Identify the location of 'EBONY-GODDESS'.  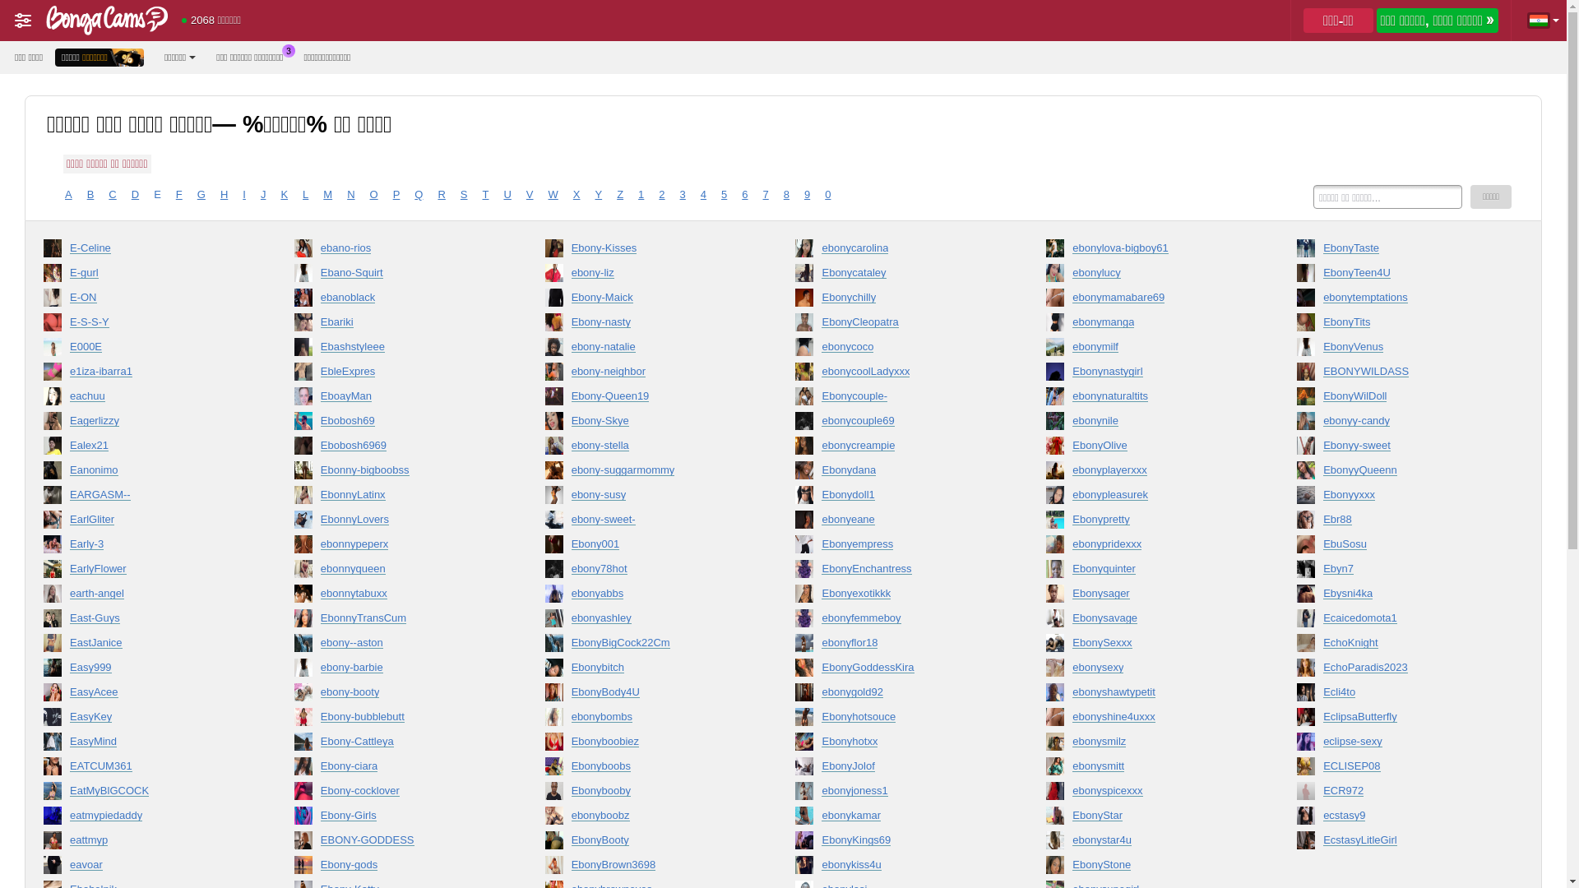
(396, 844).